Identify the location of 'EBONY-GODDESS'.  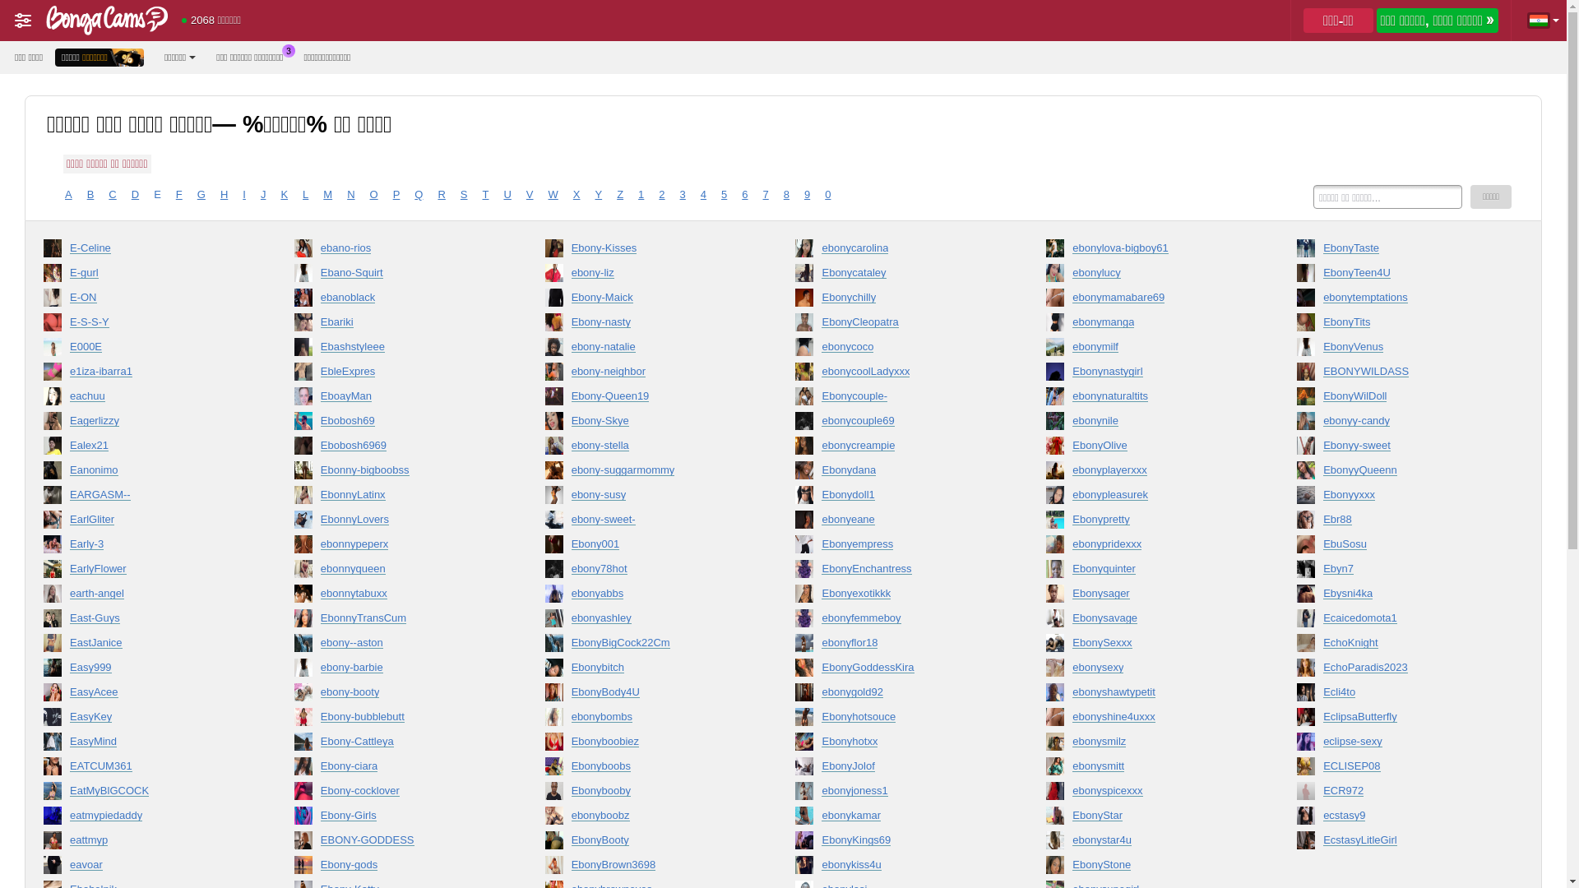
(396, 844).